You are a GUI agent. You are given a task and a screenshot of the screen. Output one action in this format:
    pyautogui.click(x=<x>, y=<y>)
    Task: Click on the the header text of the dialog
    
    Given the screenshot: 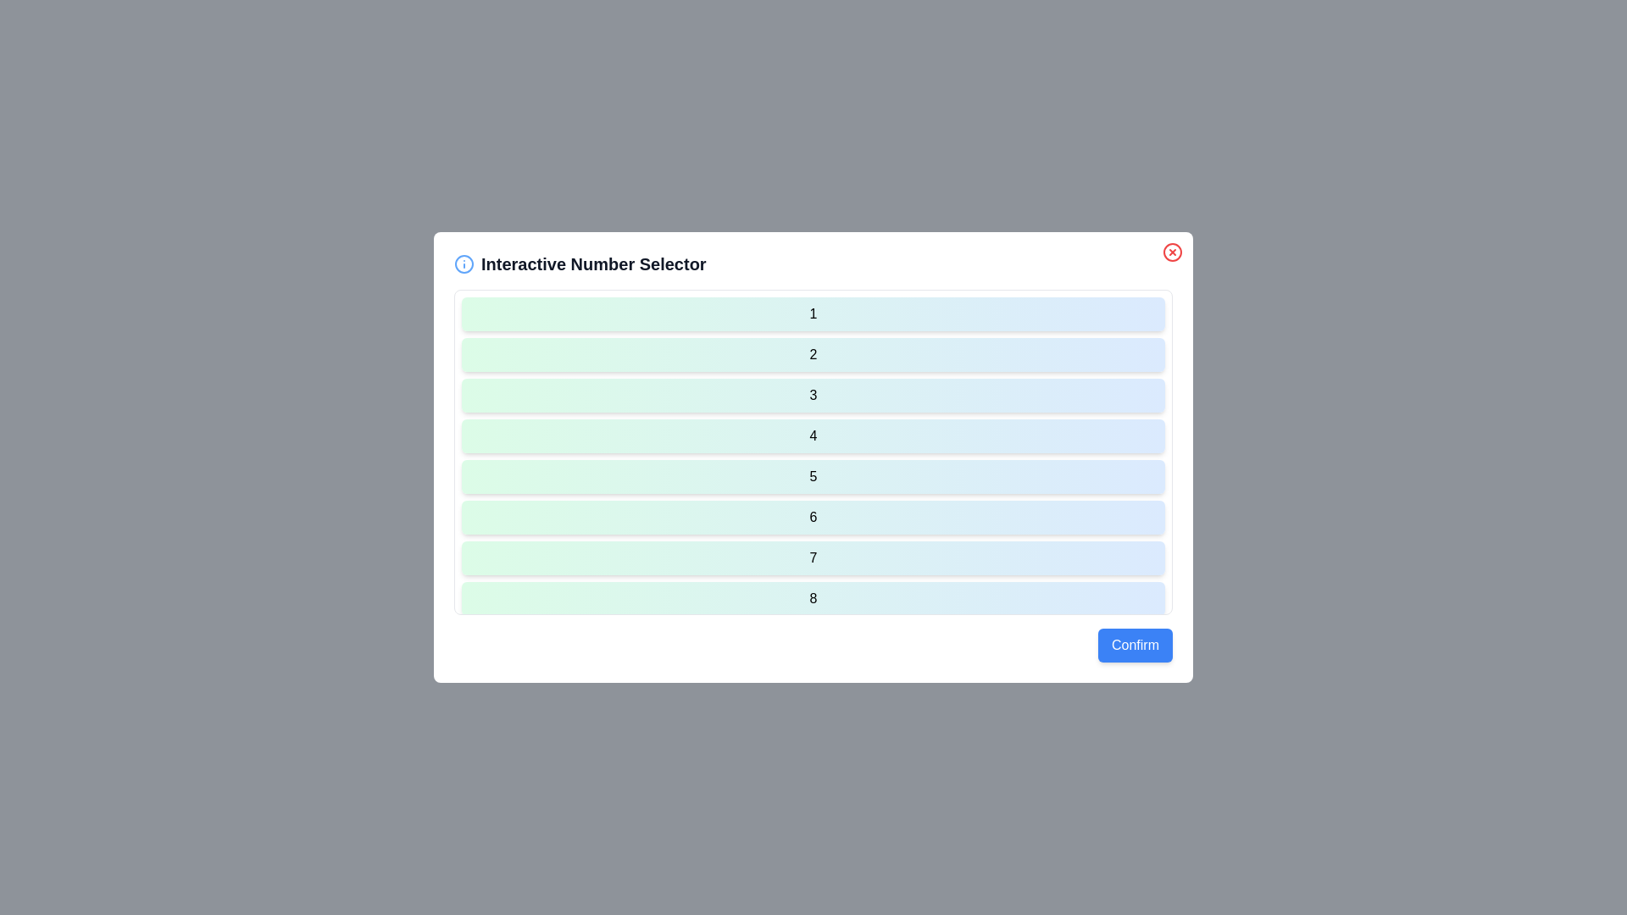 What is the action you would take?
    pyautogui.click(x=813, y=264)
    